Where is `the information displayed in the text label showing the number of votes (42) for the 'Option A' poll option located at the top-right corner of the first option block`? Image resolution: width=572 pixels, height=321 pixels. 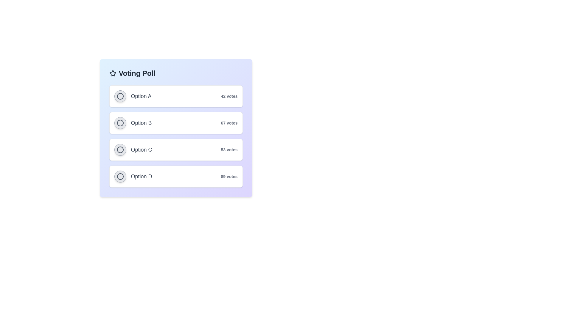 the information displayed in the text label showing the number of votes (42) for the 'Option A' poll option located at the top-right corner of the first option block is located at coordinates (229, 96).